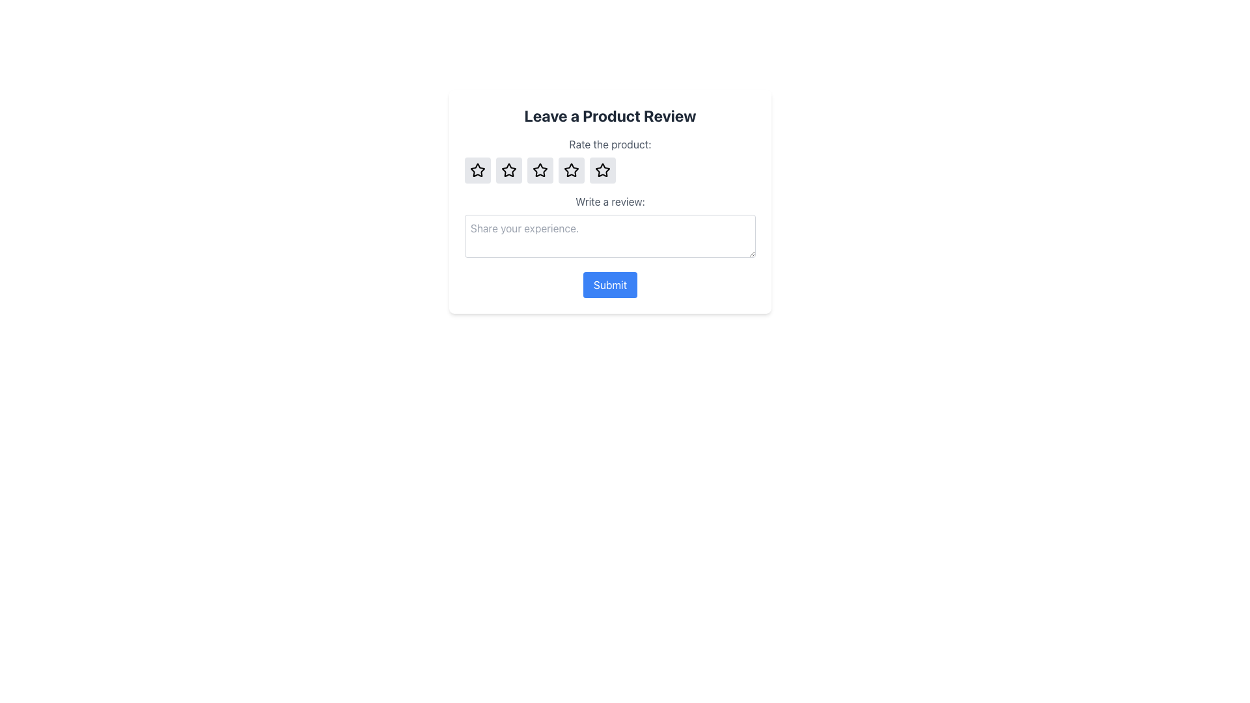 The height and width of the screenshot is (703, 1250). Describe the element at coordinates (508, 170) in the screenshot. I see `the second star icon in the product review section, which is styled in gray with an outlined stroke, located centrally between the first and third stars` at that location.